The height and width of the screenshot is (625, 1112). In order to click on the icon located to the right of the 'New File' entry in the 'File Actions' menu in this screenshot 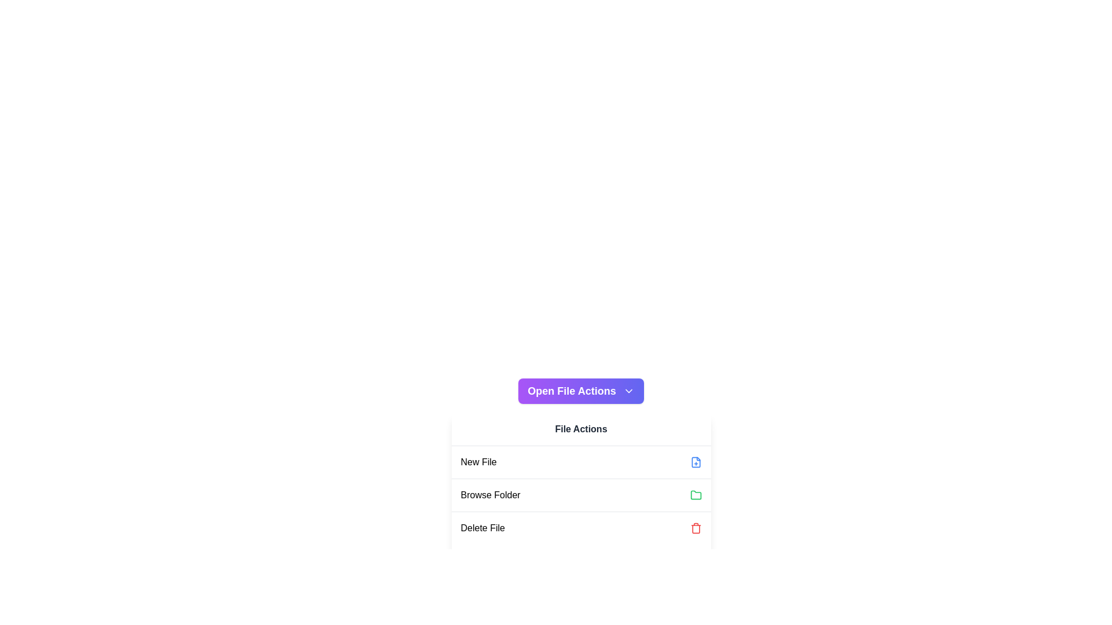, I will do `click(695, 461)`.